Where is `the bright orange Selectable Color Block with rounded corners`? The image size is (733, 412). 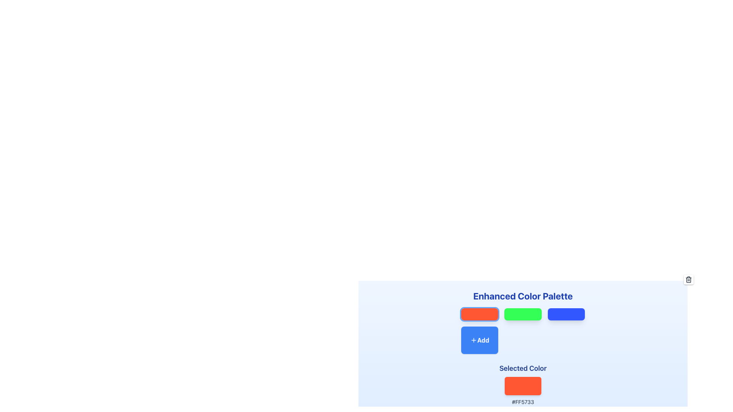
the bright orange Selectable Color Block with rounded corners is located at coordinates (479, 314).